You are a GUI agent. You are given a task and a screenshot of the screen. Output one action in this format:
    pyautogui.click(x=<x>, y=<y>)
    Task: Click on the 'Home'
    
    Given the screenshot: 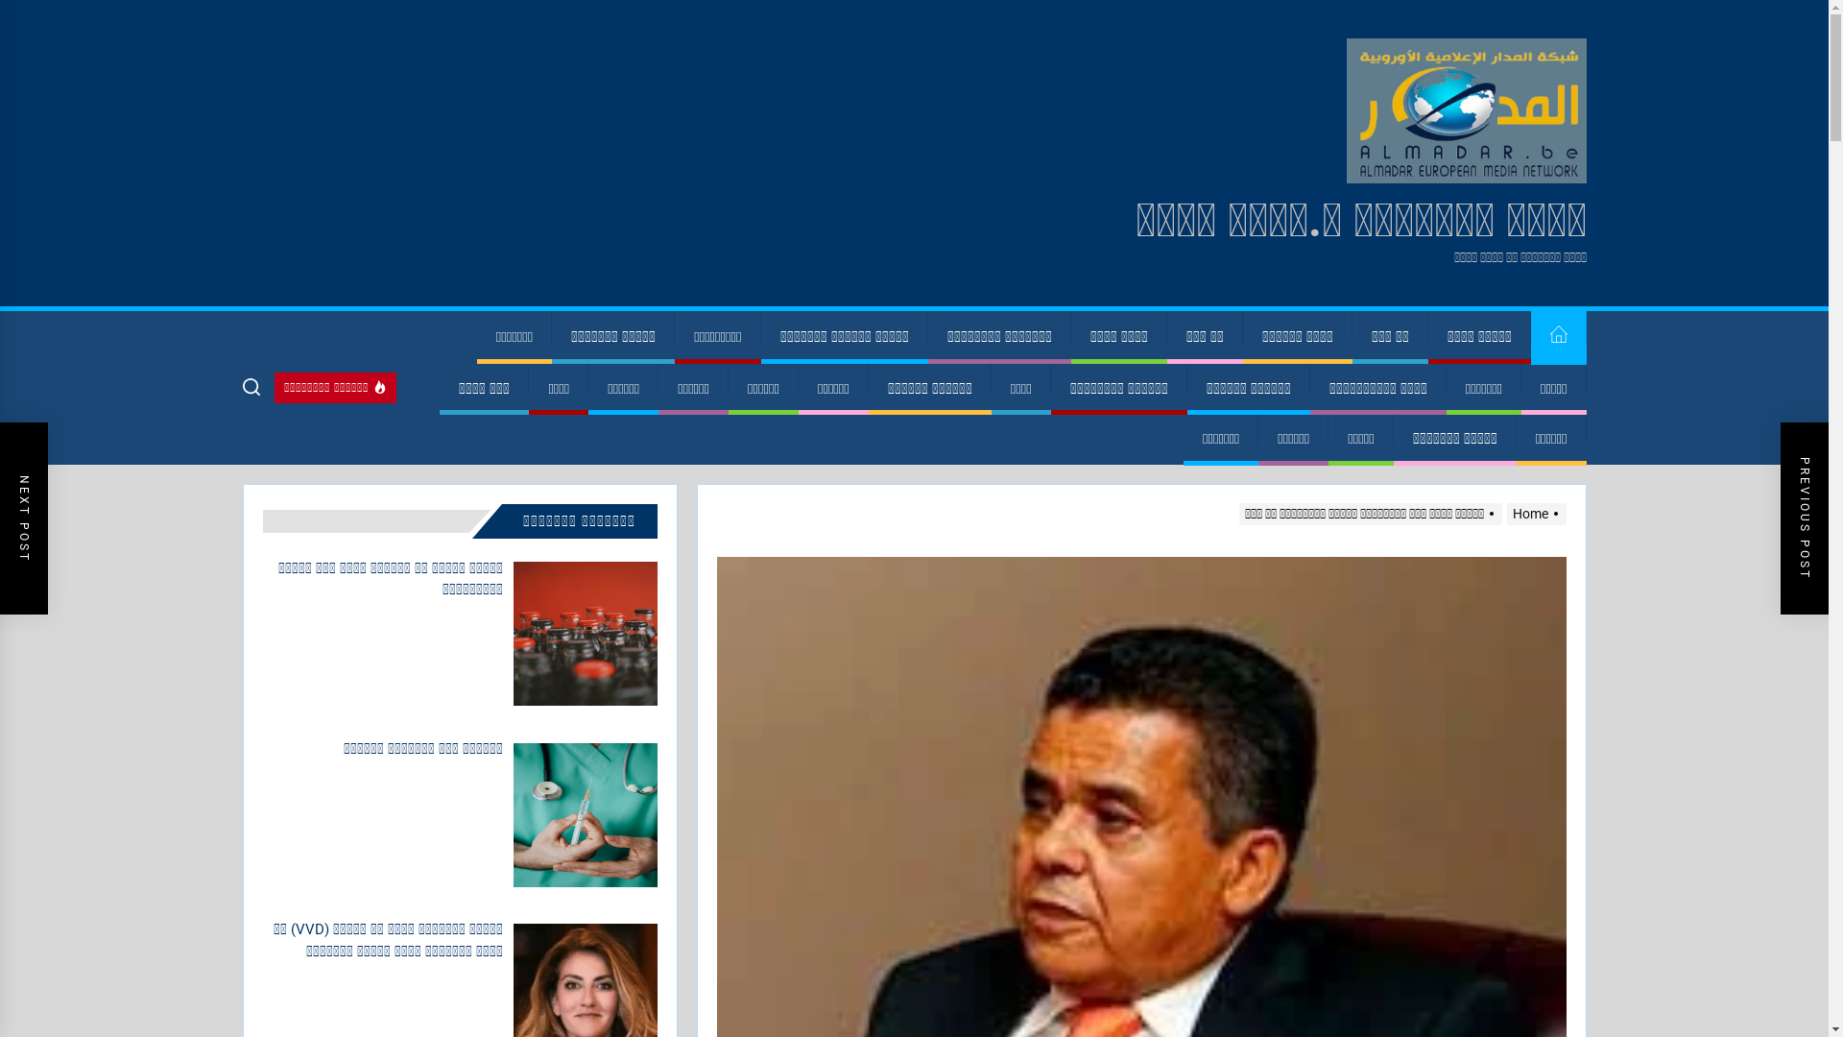 What is the action you would take?
    pyautogui.click(x=1532, y=513)
    